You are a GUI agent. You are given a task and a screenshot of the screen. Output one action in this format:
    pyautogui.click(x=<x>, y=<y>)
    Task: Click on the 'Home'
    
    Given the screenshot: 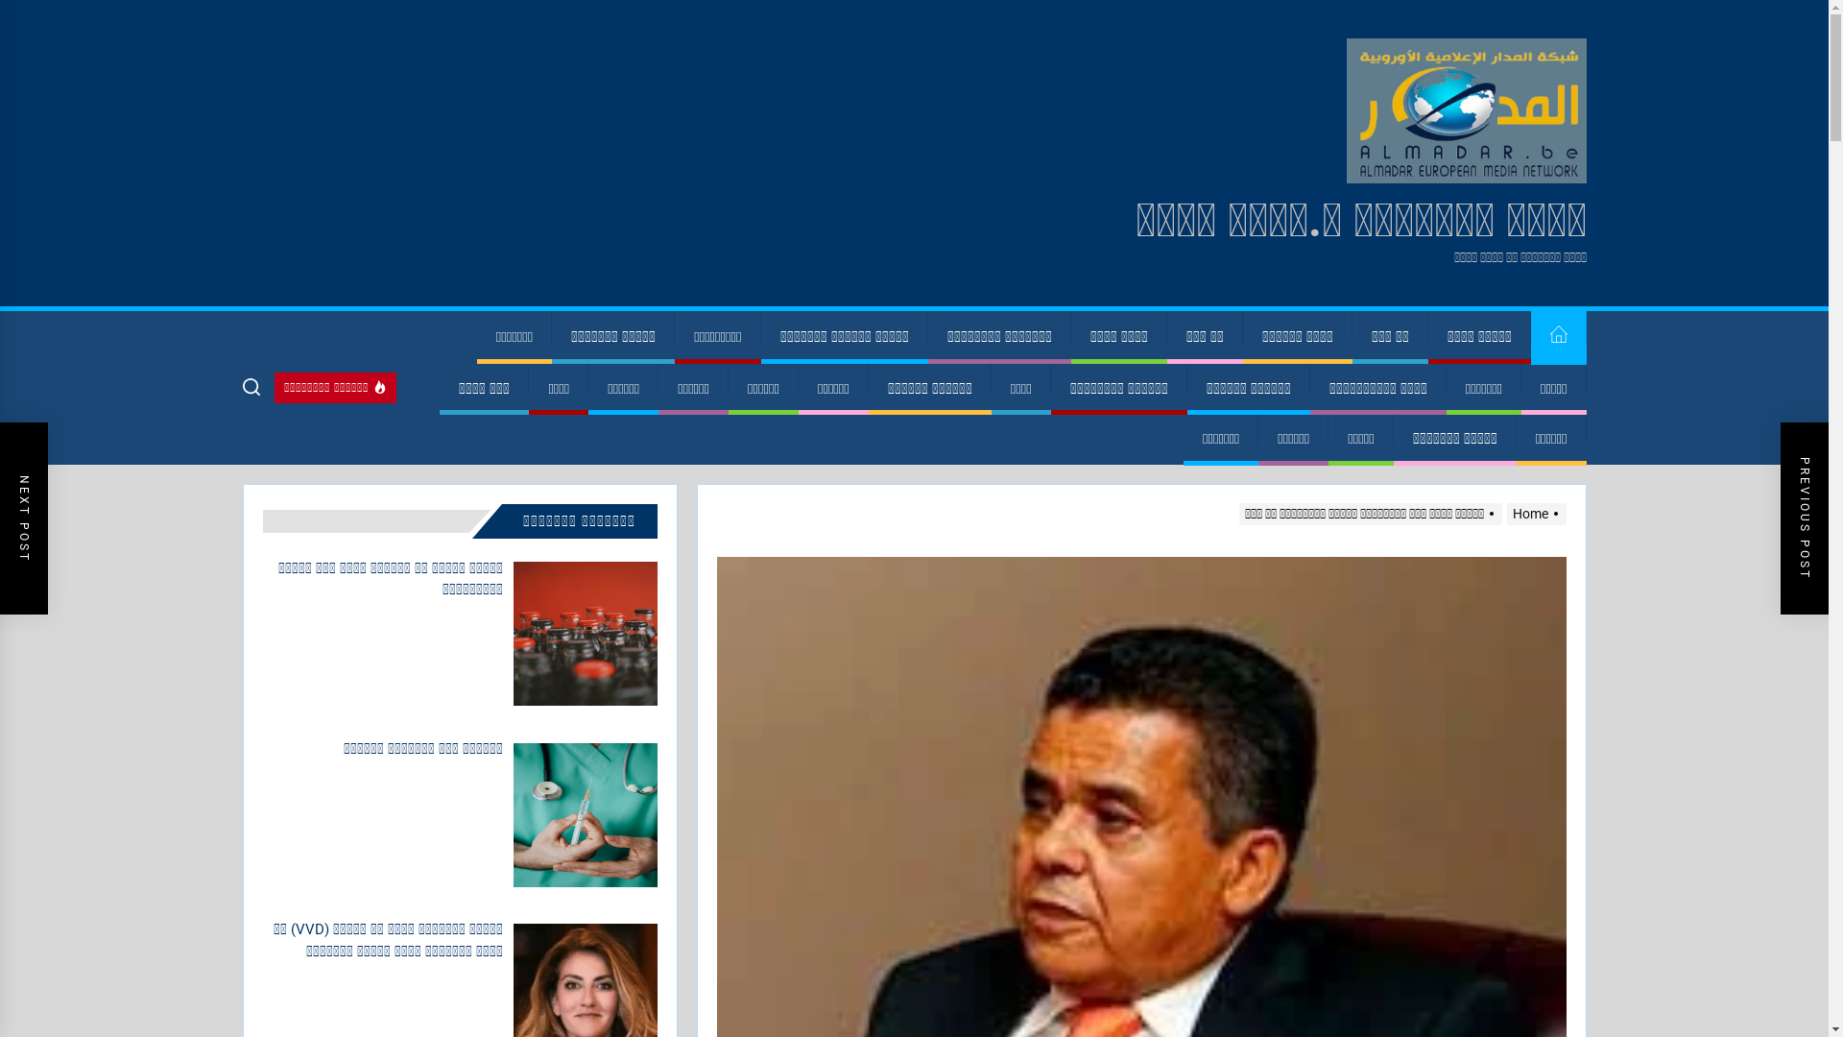 What is the action you would take?
    pyautogui.click(x=1532, y=513)
    